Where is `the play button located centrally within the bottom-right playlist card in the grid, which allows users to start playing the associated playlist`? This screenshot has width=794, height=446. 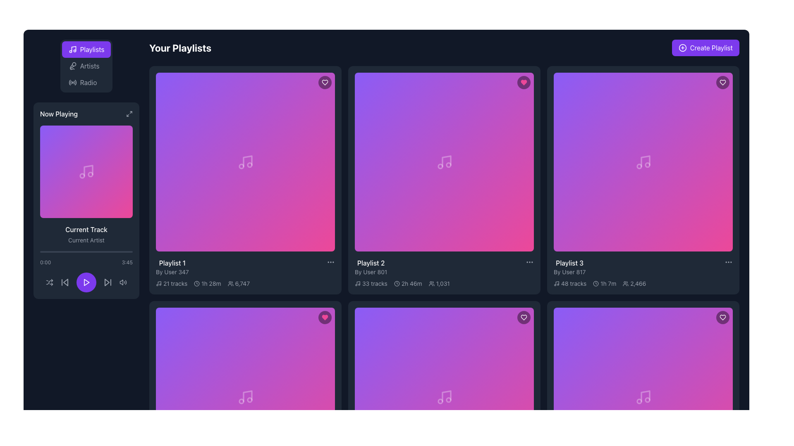
the play button located centrally within the bottom-right playlist card in the grid, which allows users to start playing the associated playlist is located at coordinates (643, 396).